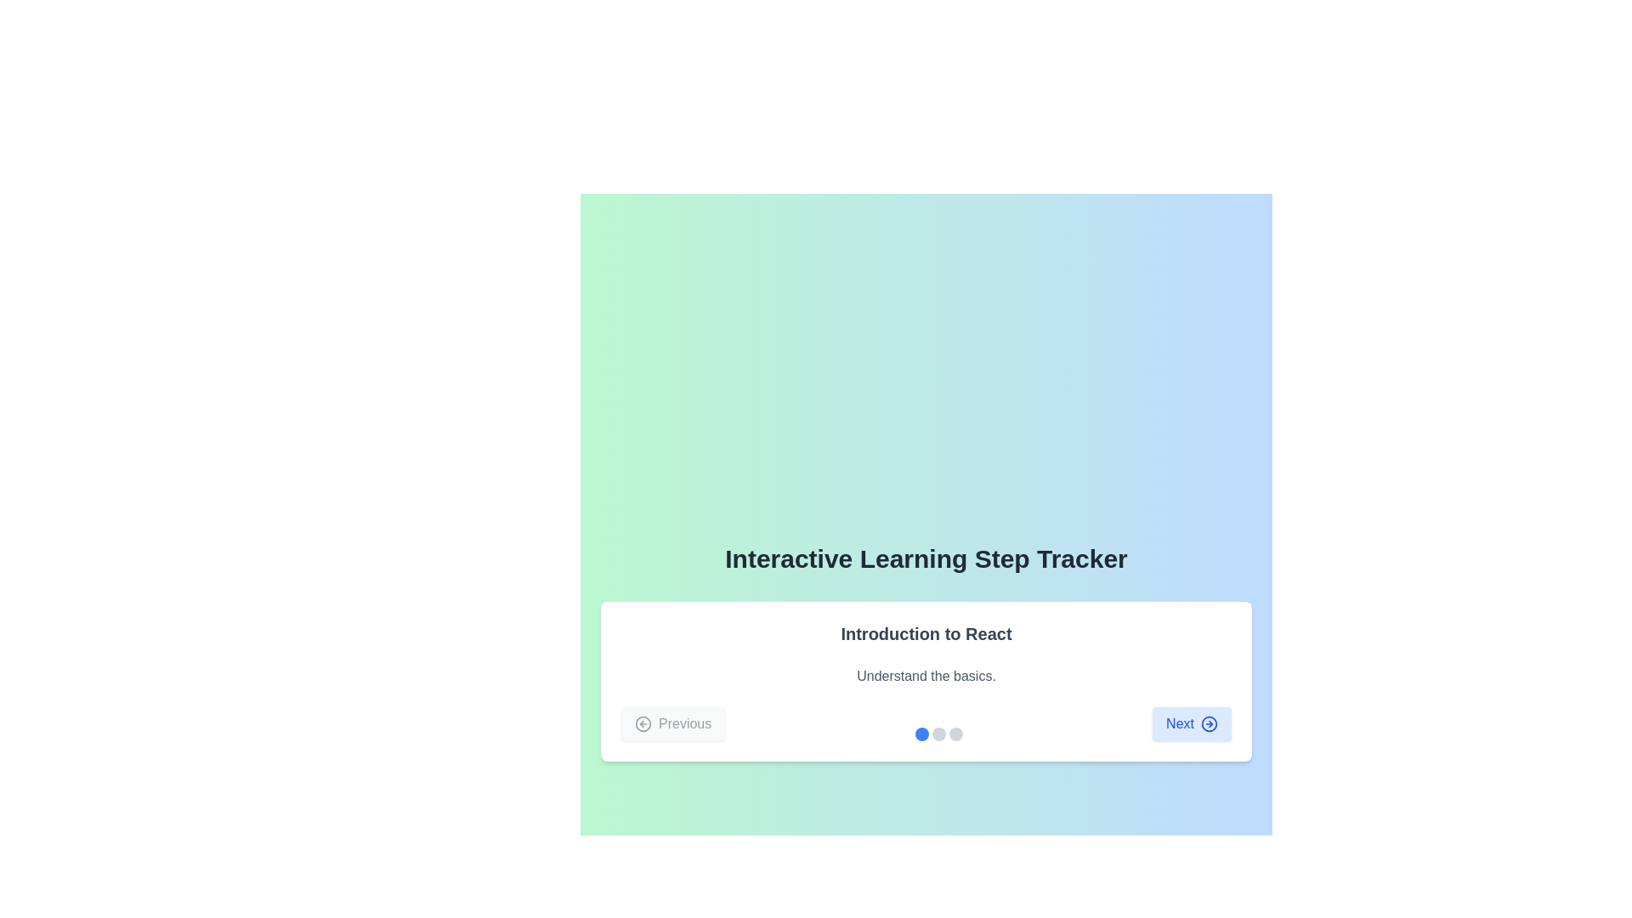 The height and width of the screenshot is (918, 1632). I want to click on the 'Next' button which contains a right-arrow icon encircled in blue, located at the bottom-right of the visible card, so click(1208, 724).